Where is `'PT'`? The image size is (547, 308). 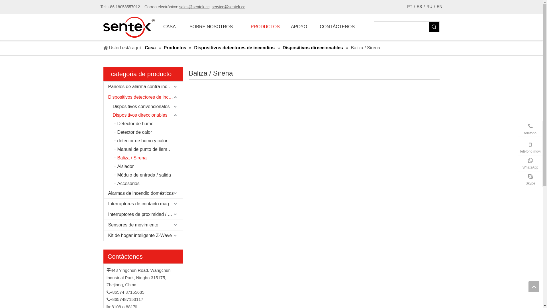 'PT' is located at coordinates (409, 7).